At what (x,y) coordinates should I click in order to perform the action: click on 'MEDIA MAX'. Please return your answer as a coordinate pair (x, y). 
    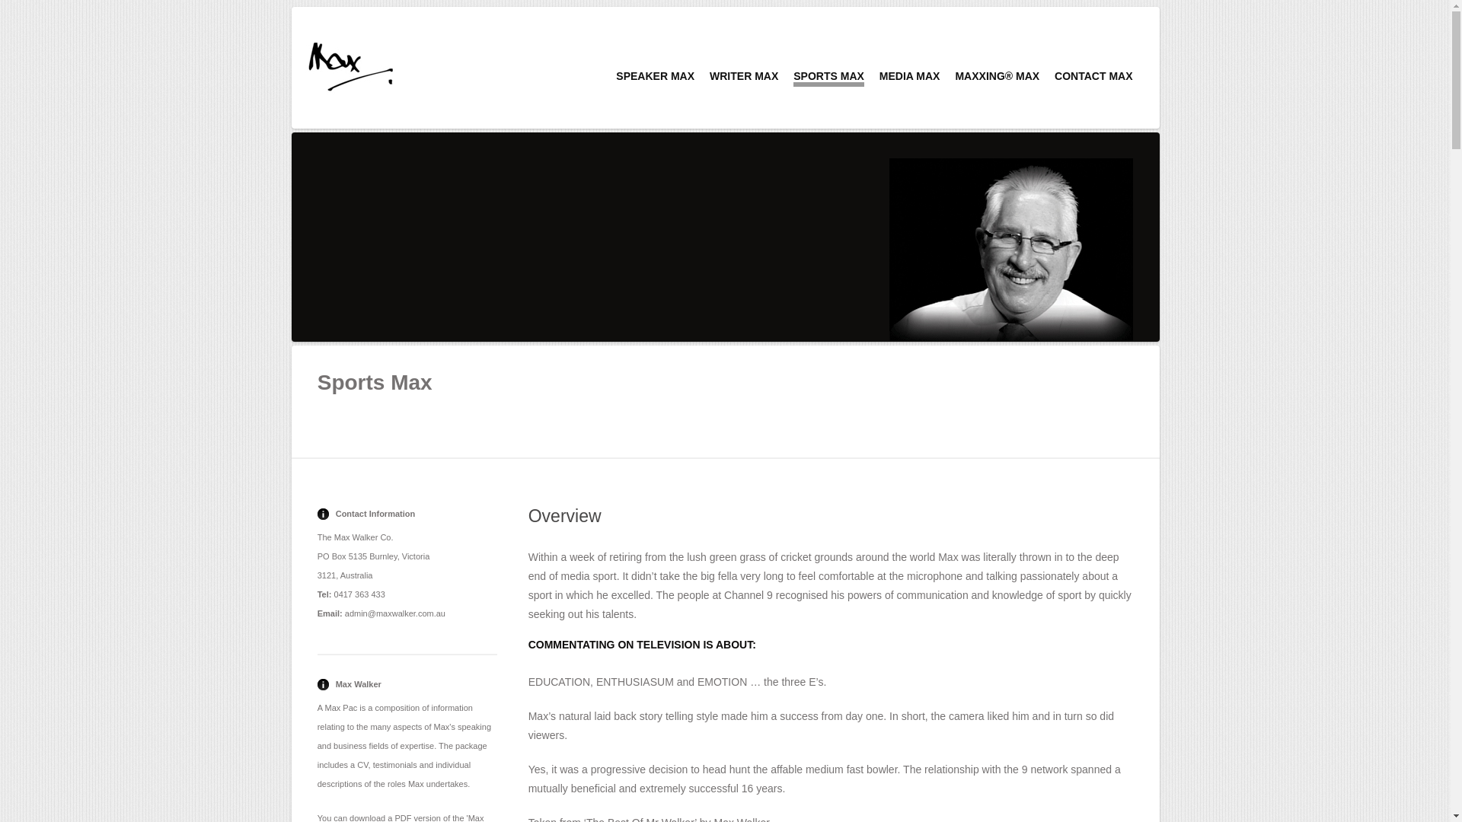
    Looking at the image, I should click on (879, 76).